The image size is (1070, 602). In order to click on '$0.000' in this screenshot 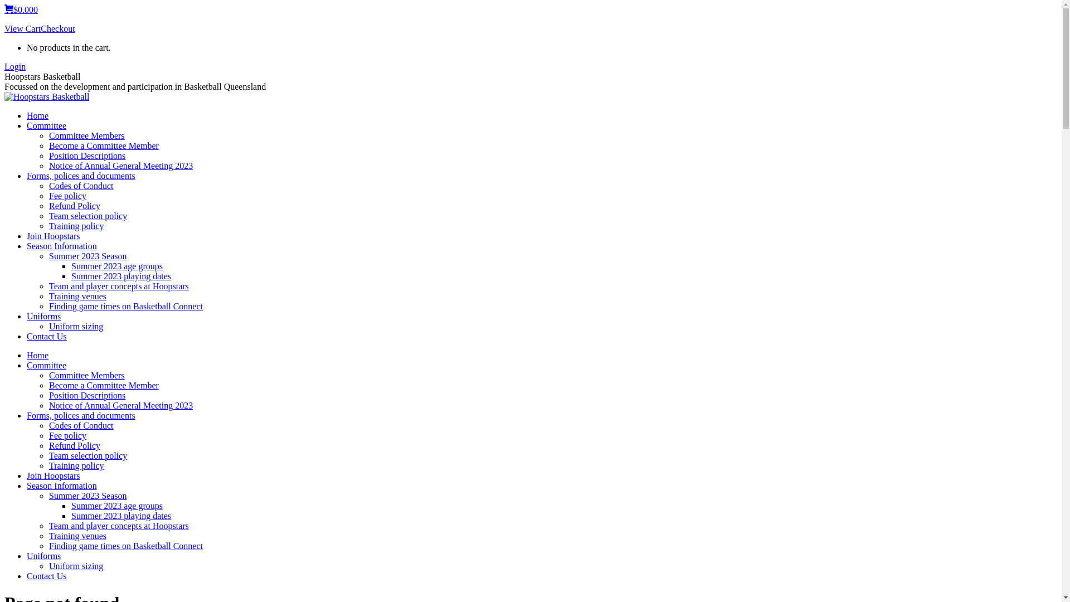, I will do `click(21, 9)`.